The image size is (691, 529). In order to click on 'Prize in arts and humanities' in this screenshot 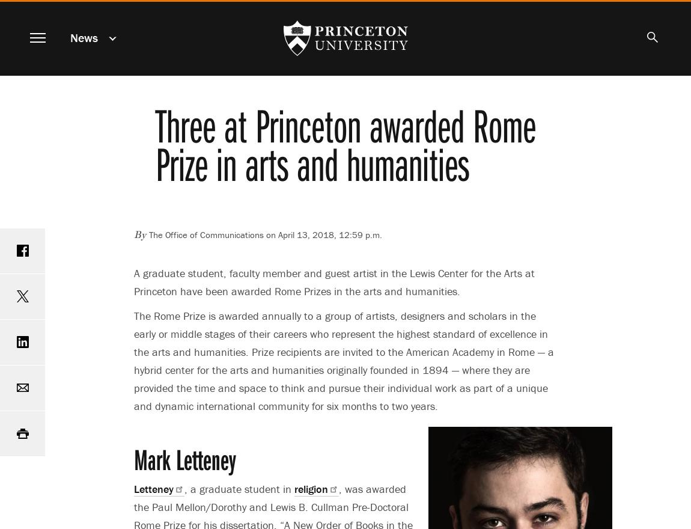, I will do `click(311, 163)`.